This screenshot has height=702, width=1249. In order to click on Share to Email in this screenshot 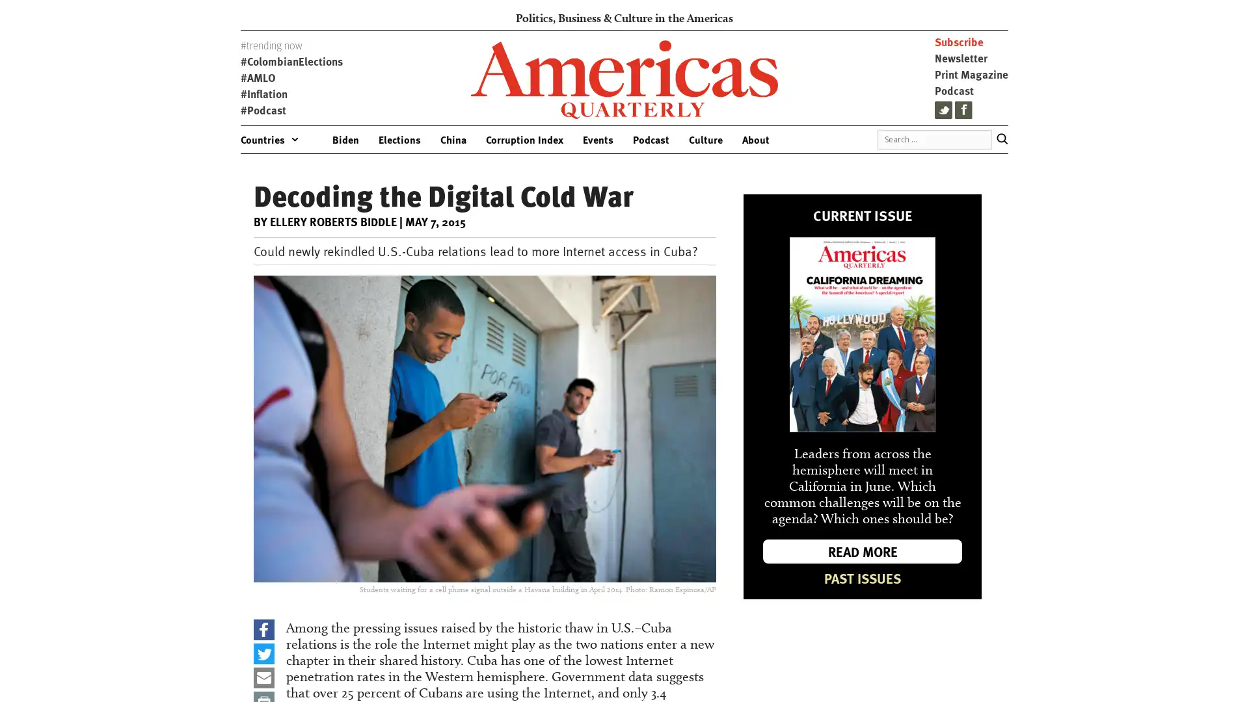, I will do `click(263, 677)`.